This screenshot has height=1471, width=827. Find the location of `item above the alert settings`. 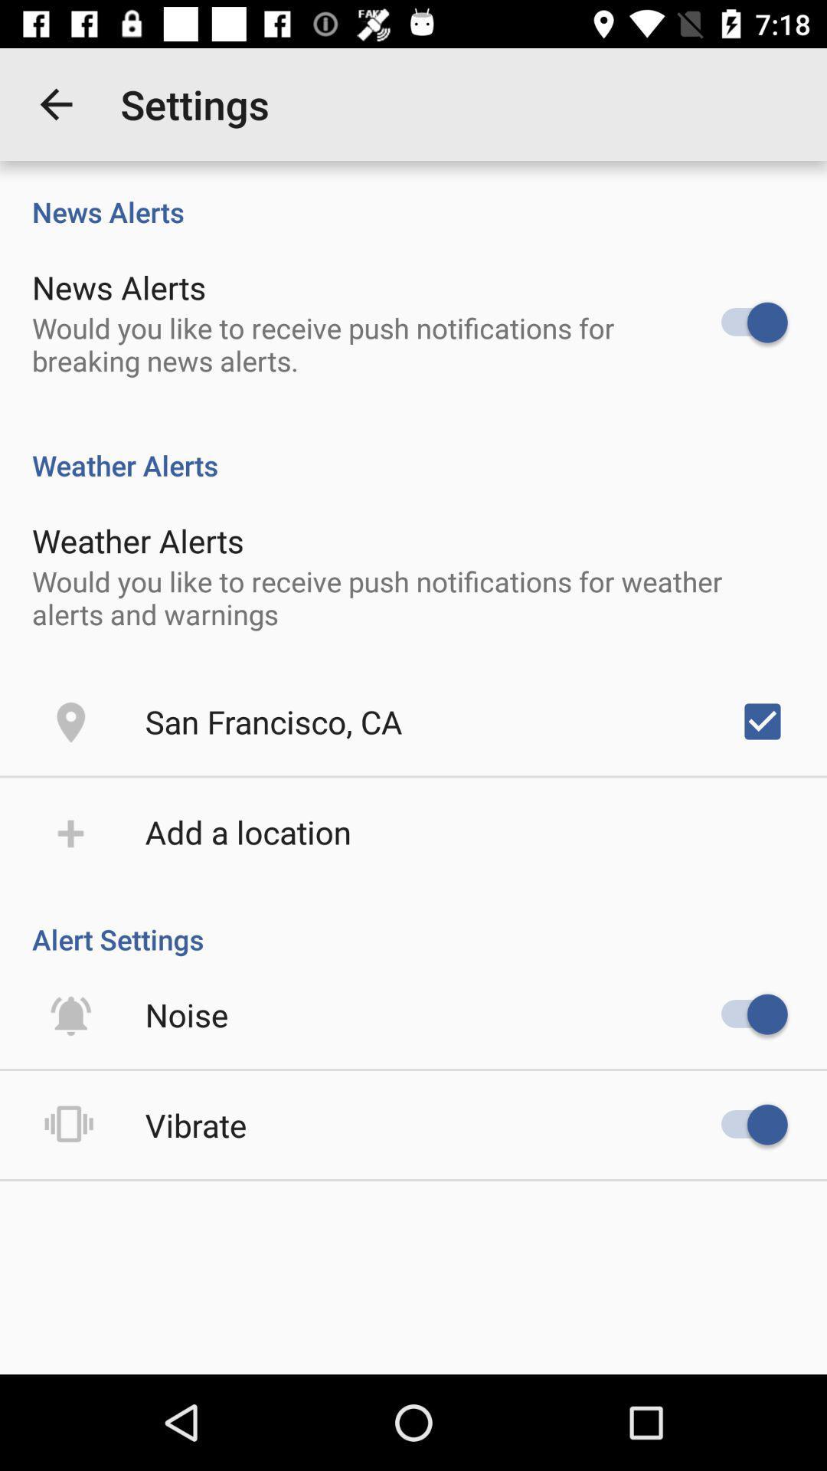

item above the alert settings is located at coordinates (247, 831).